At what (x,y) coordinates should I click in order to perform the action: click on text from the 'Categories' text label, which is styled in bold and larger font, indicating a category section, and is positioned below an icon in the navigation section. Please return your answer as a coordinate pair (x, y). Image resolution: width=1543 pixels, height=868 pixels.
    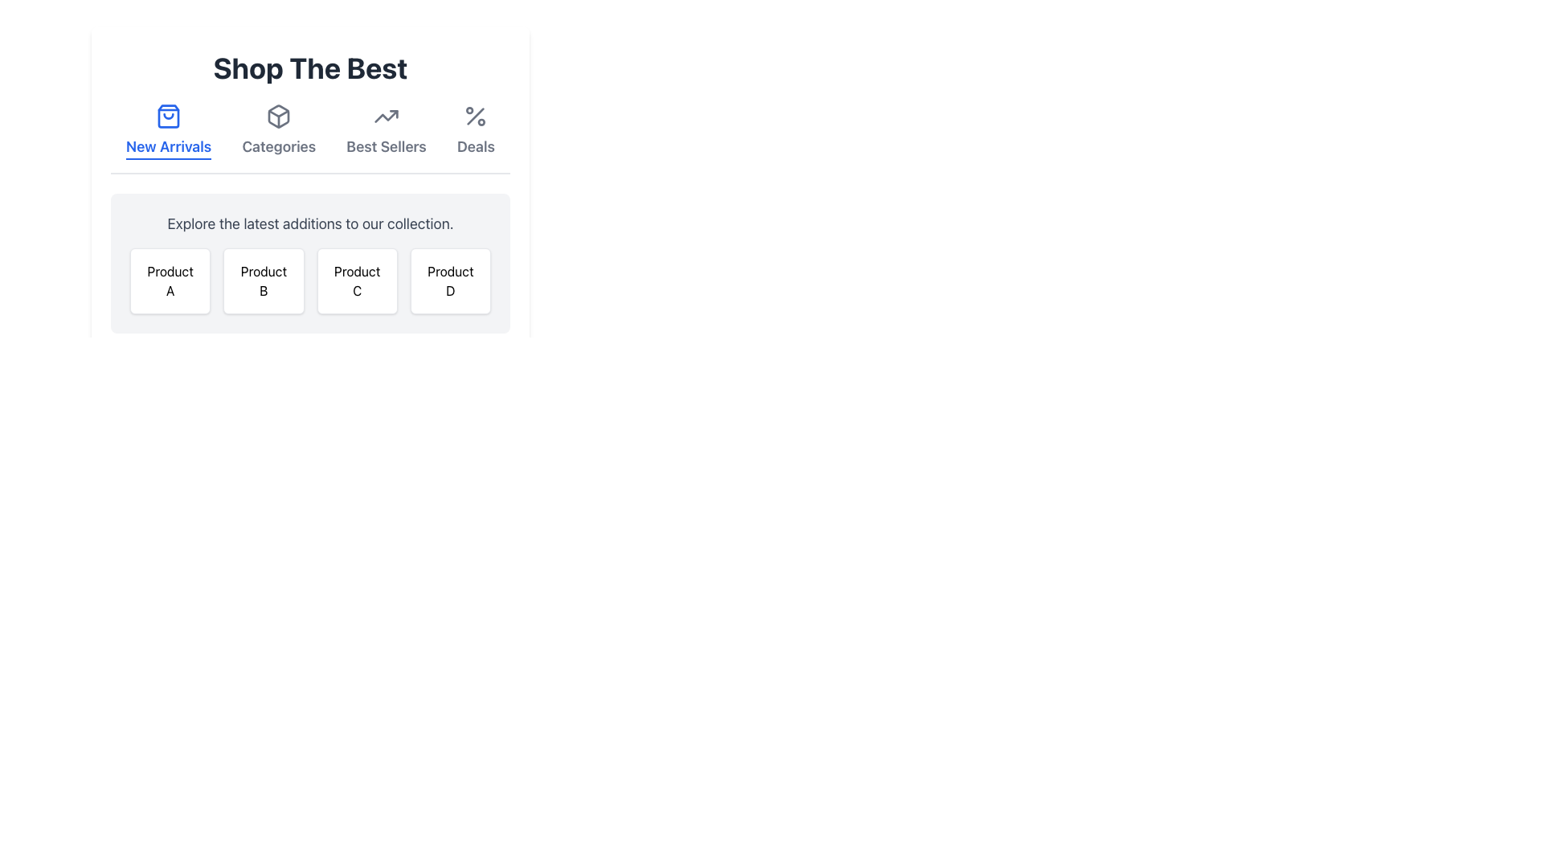
    Looking at the image, I should click on (279, 146).